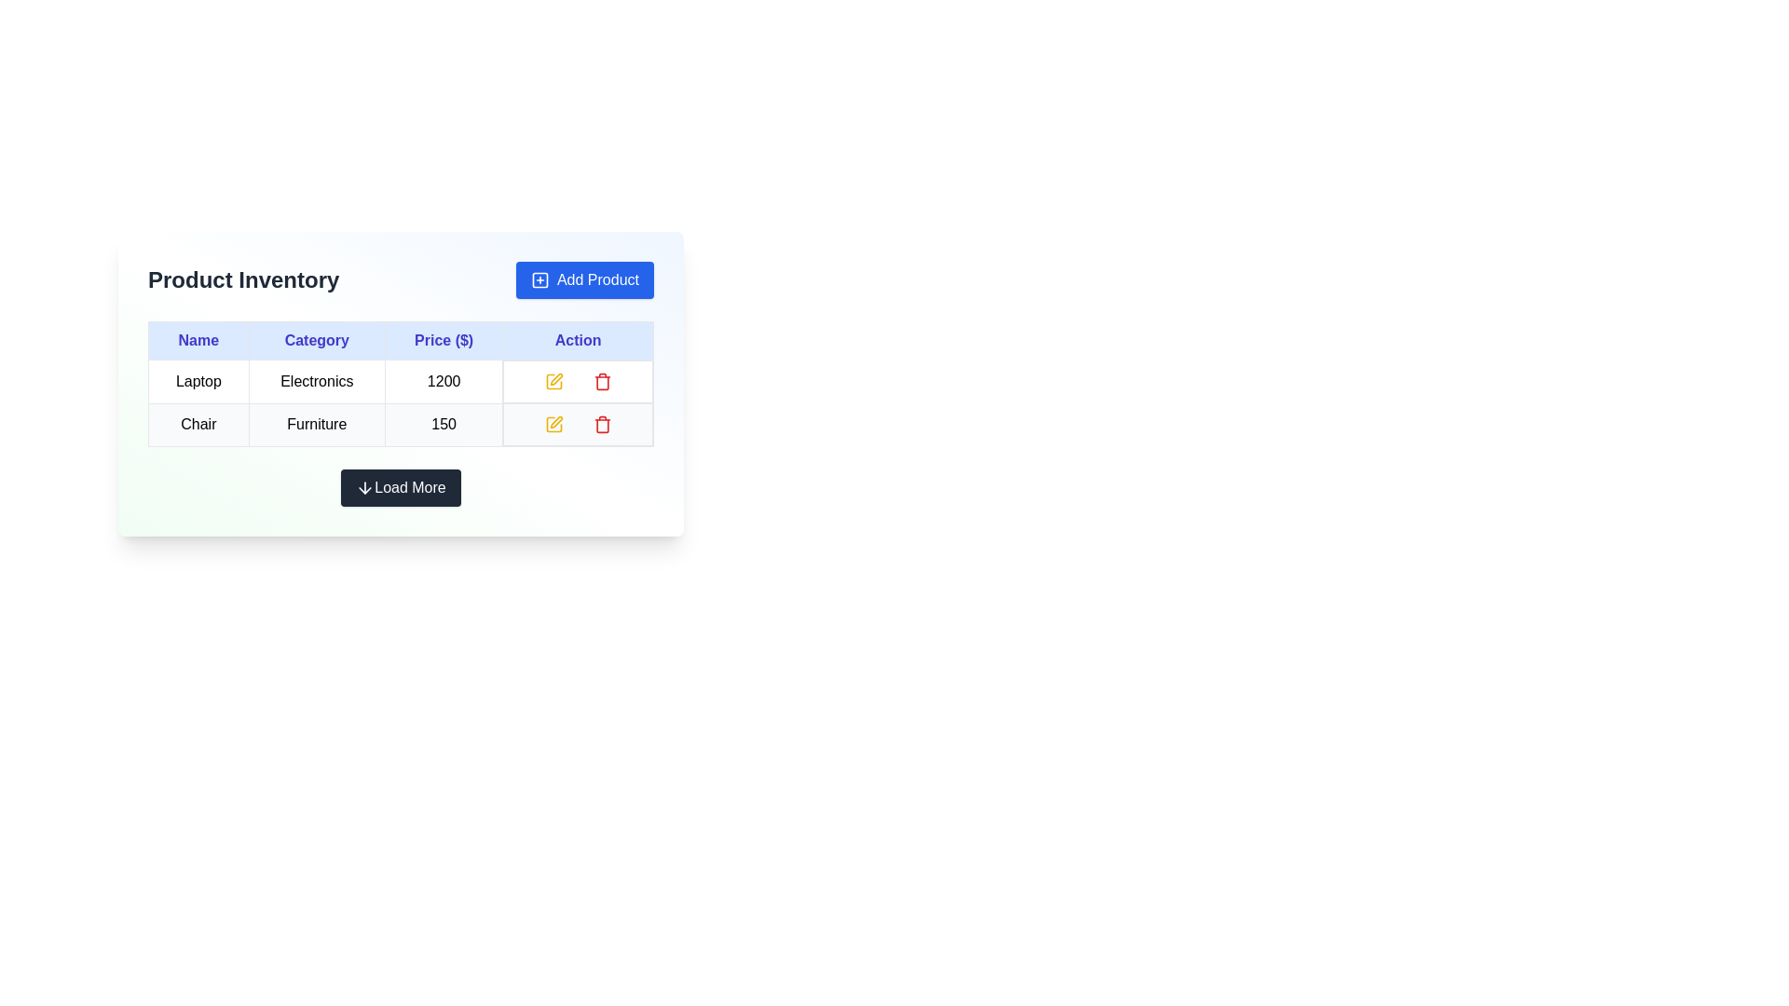  What do you see at coordinates (602, 380) in the screenshot?
I see `the trash button located in the second row of the 'Action' column of the product inventory table` at bounding box center [602, 380].